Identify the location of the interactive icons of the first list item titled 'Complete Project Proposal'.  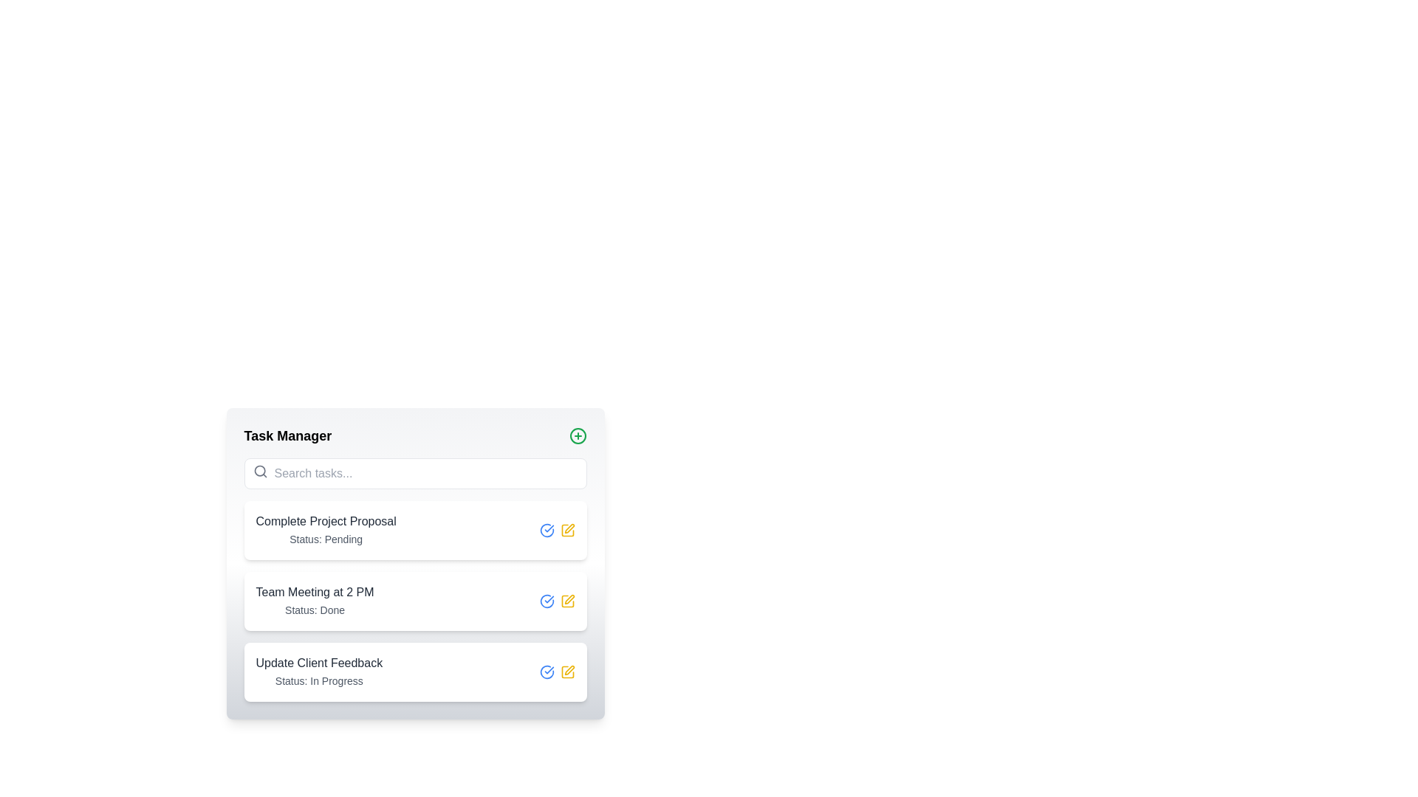
(414, 529).